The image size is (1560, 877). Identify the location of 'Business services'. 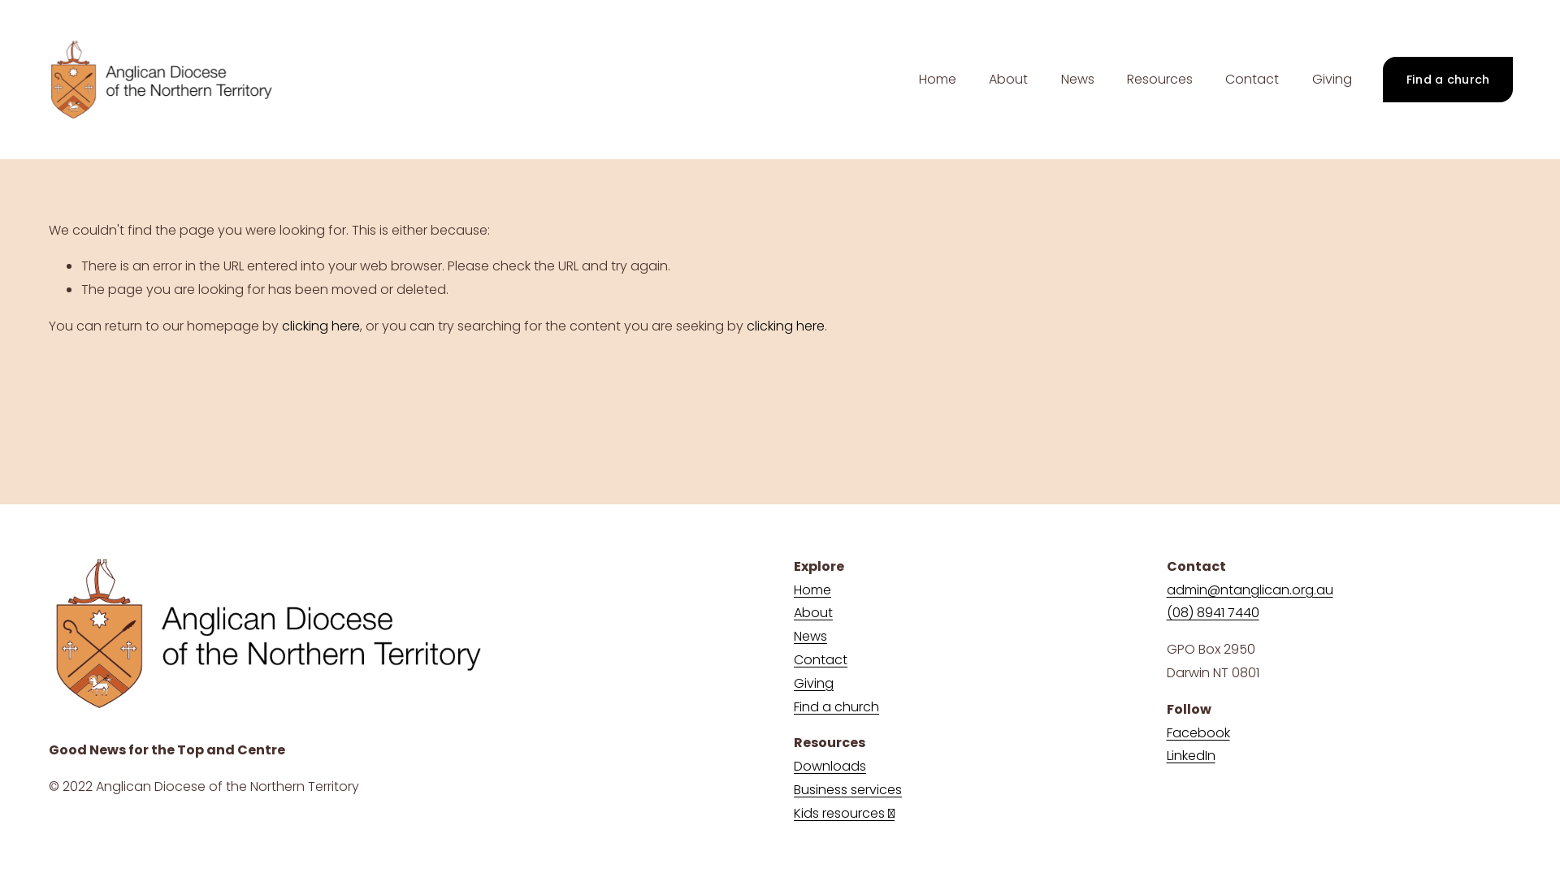
(847, 789).